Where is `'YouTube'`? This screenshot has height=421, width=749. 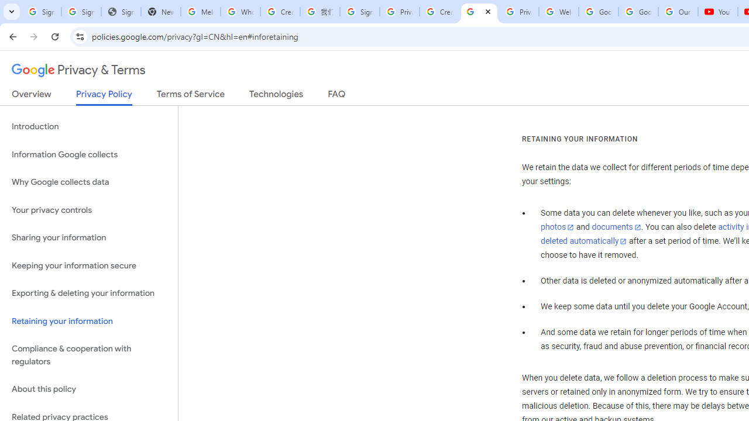 'YouTube' is located at coordinates (717, 12).